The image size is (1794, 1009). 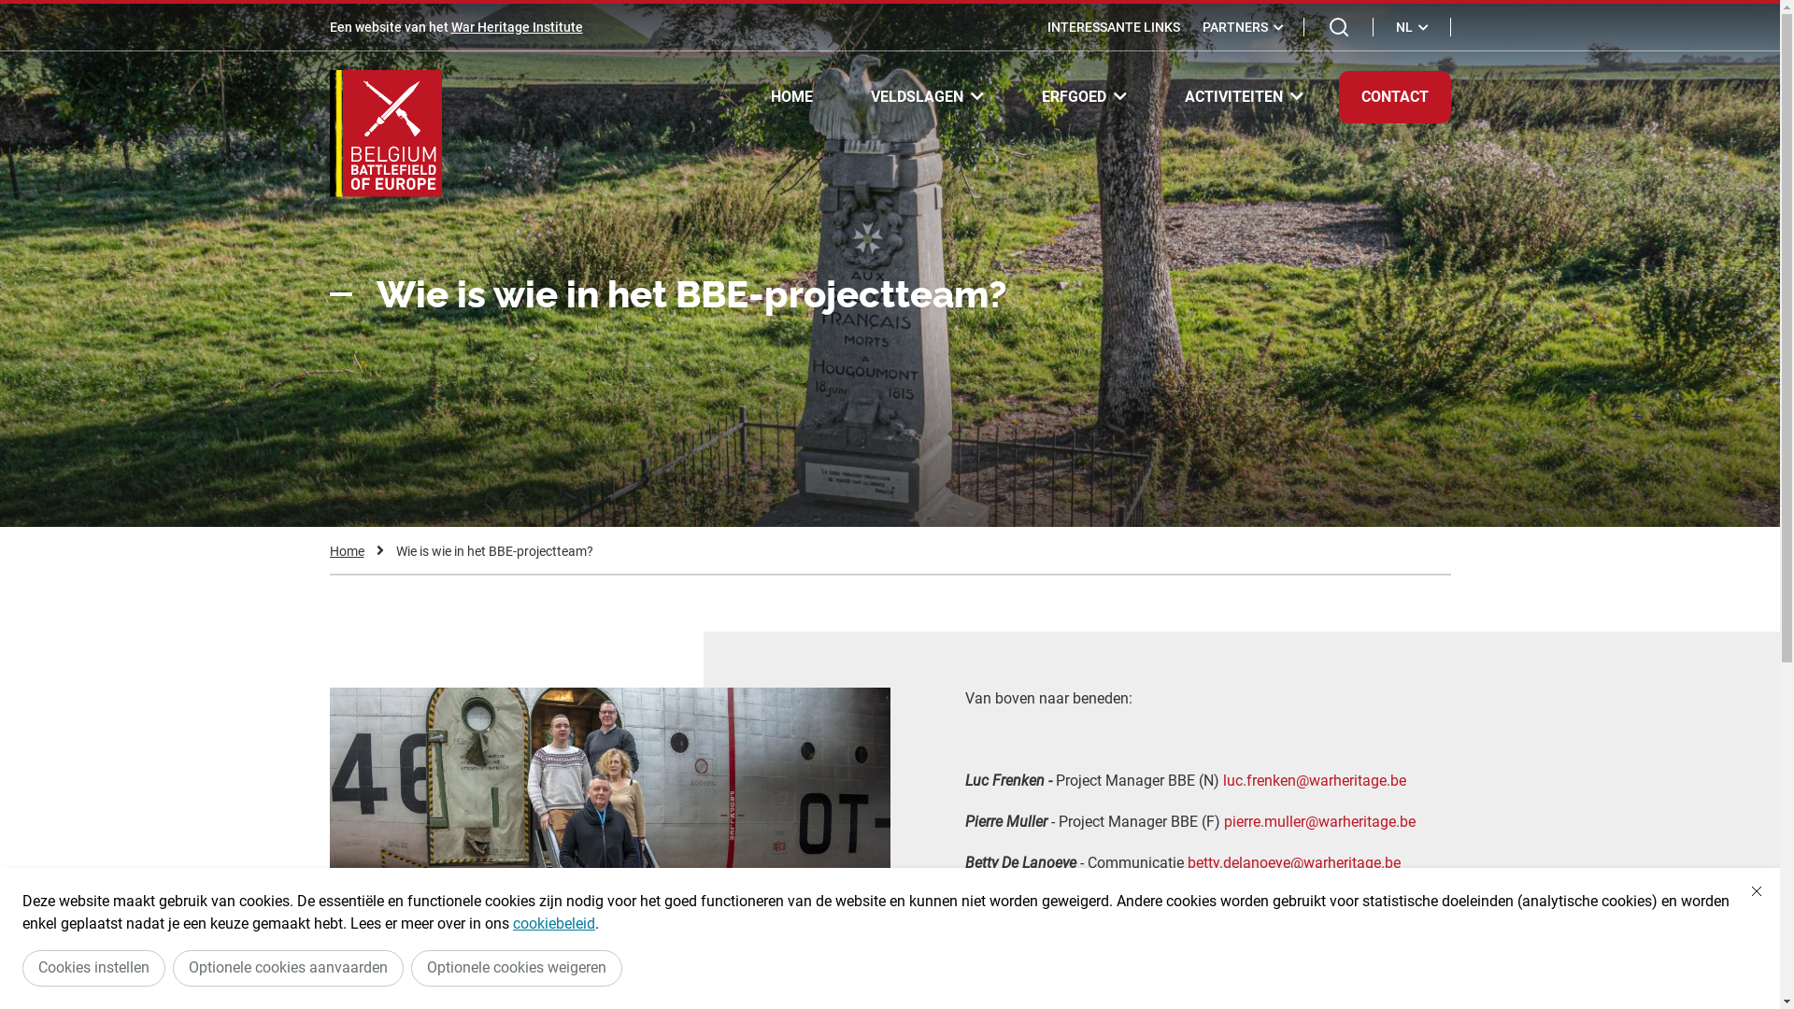 I want to click on 'Optionele cookies weigeren', so click(x=516, y=967).